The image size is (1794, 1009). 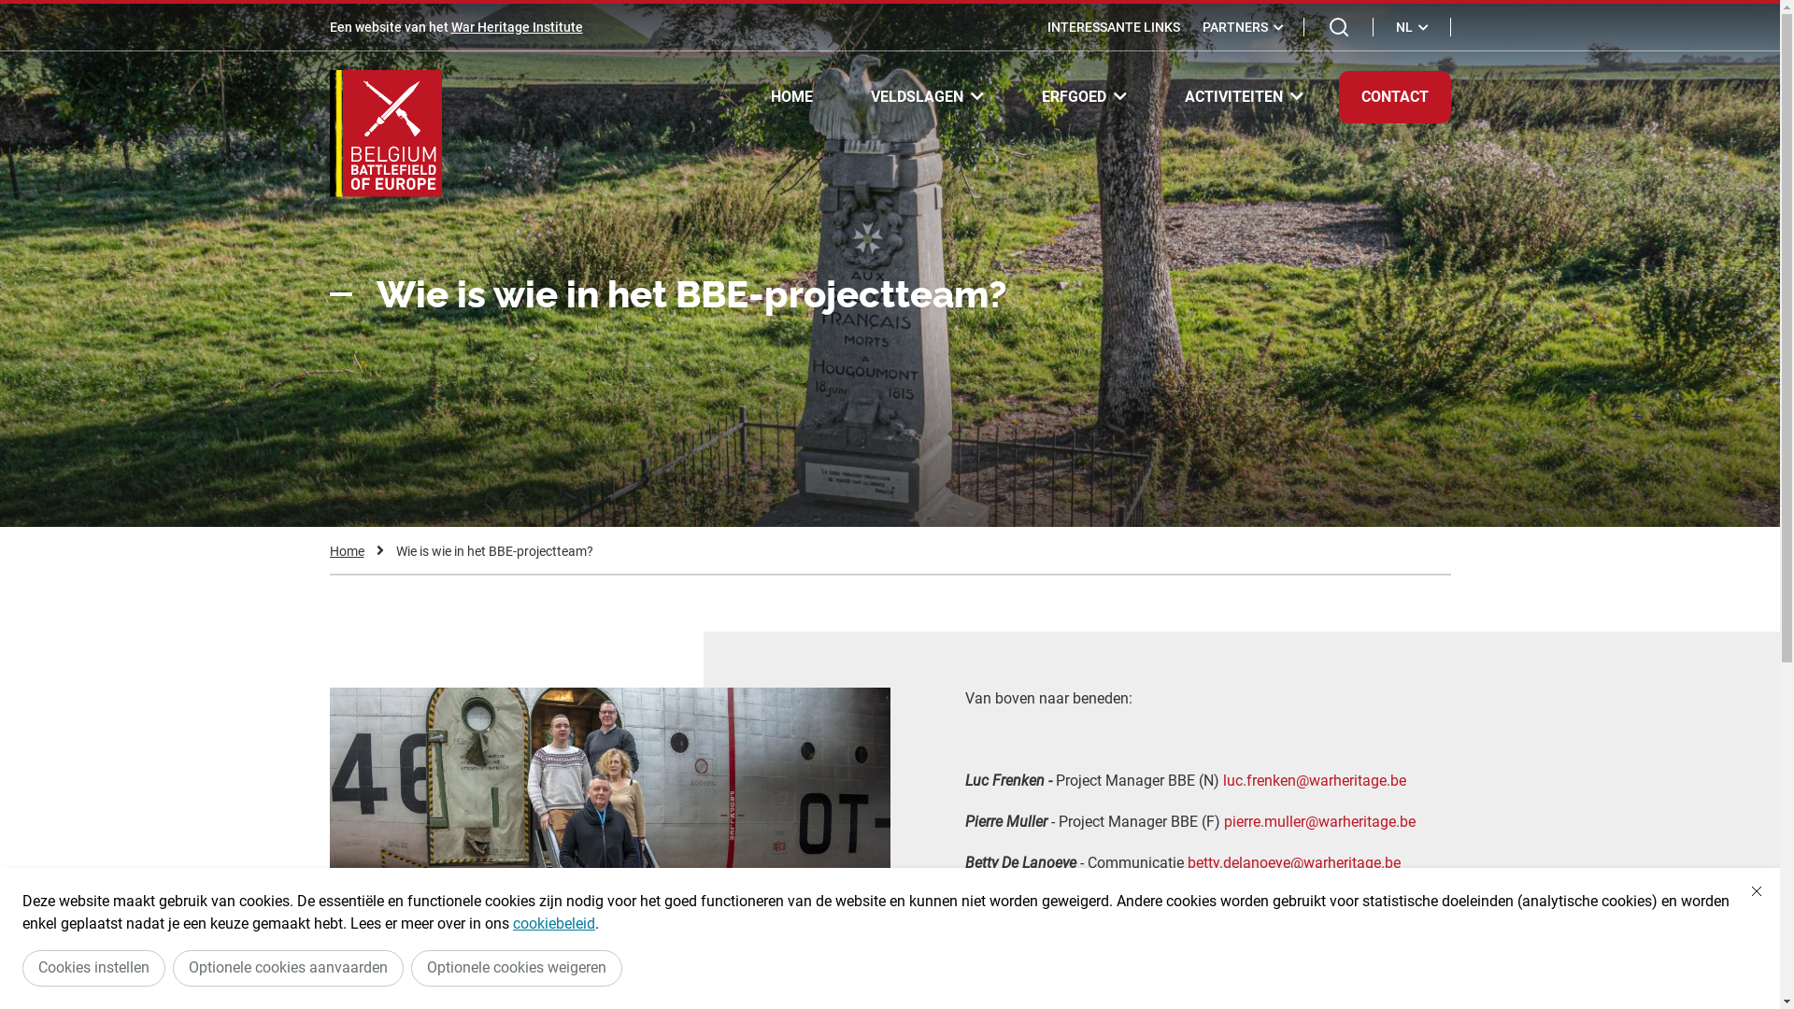 I want to click on 'Optionele cookies weigeren', so click(x=516, y=967).